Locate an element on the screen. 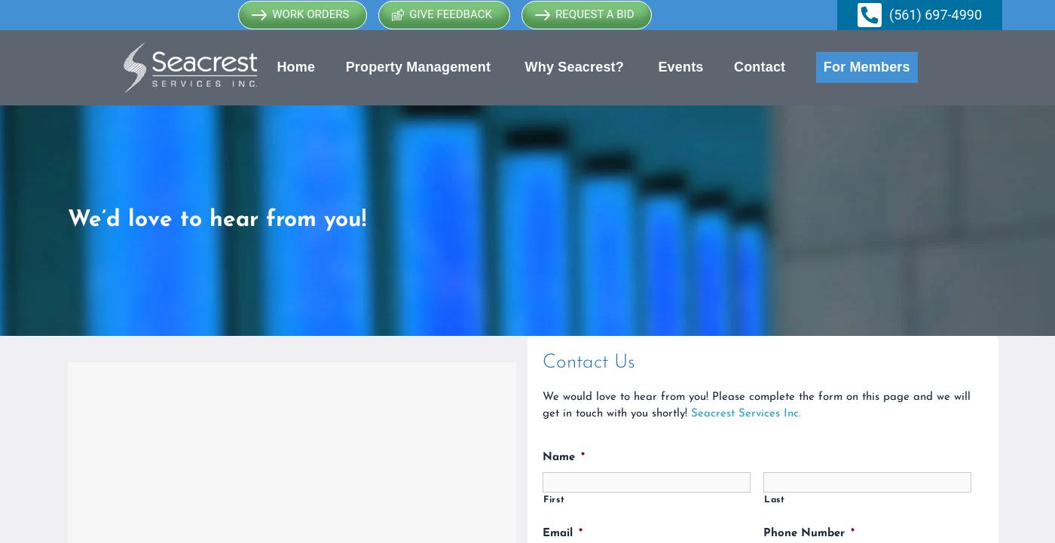 The image size is (1055, 543). 'Events' is located at coordinates (680, 66).